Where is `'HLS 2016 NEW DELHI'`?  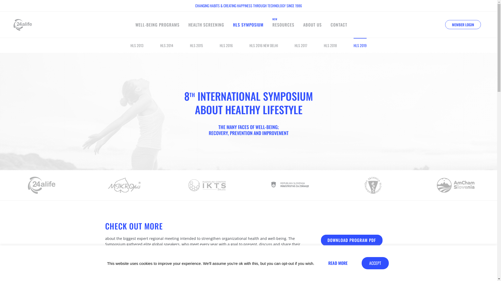
'HLS 2016 NEW DELHI' is located at coordinates (264, 45).